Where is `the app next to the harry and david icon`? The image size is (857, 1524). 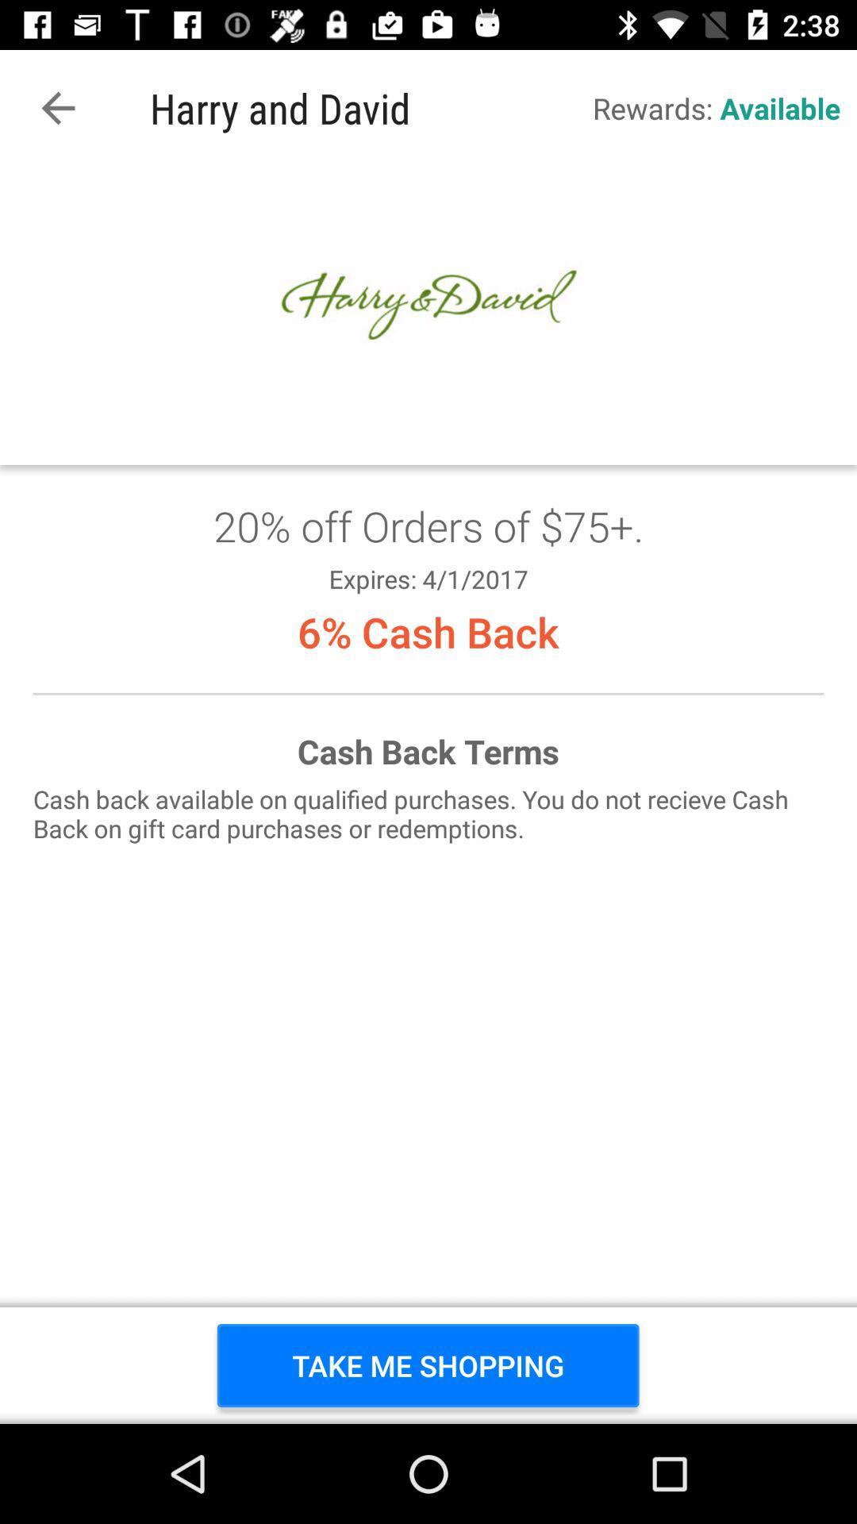
the app next to the harry and david icon is located at coordinates (57, 107).